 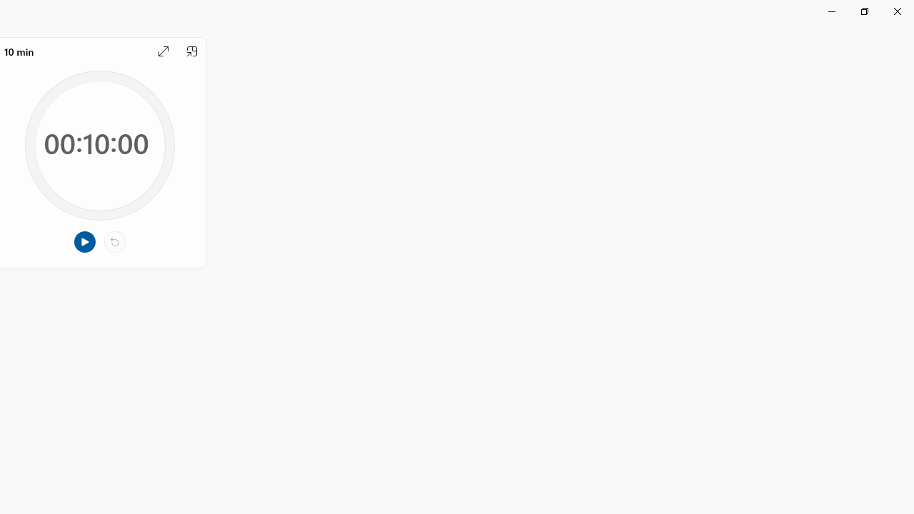 What do you see at coordinates (115, 241) in the screenshot?
I see `'Reset'` at bounding box center [115, 241].